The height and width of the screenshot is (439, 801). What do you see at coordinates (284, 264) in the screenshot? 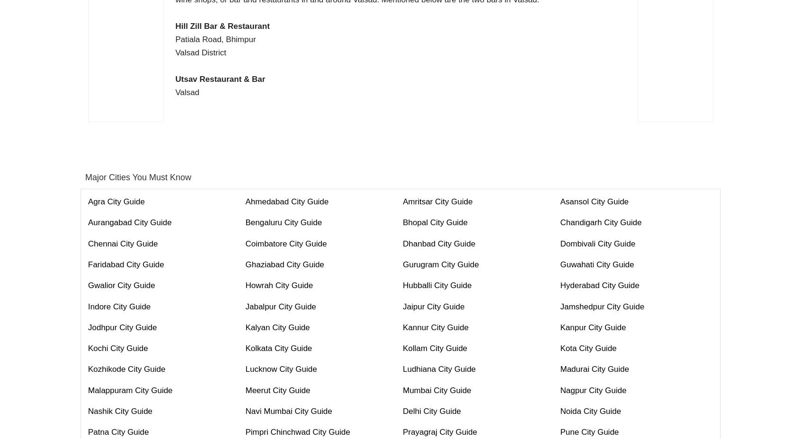
I see `'Ghaziabad City Guide'` at bounding box center [284, 264].